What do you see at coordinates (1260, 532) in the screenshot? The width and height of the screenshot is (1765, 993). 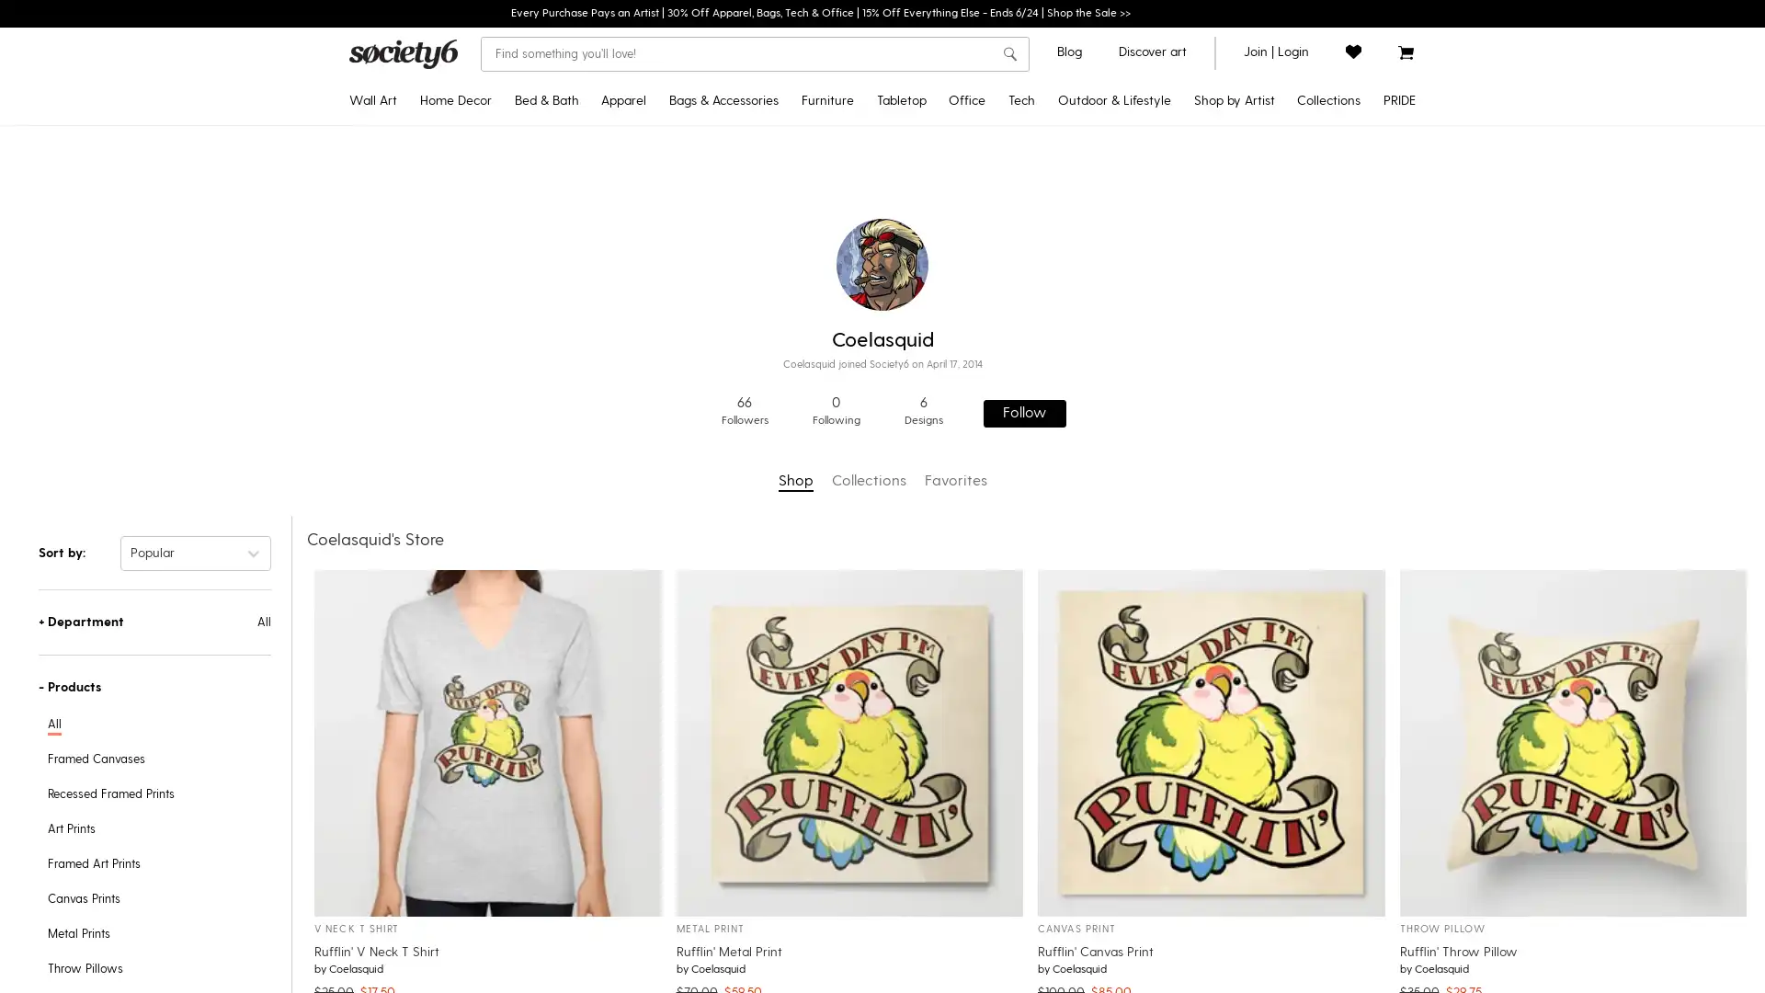 I see `All Collections` at bounding box center [1260, 532].